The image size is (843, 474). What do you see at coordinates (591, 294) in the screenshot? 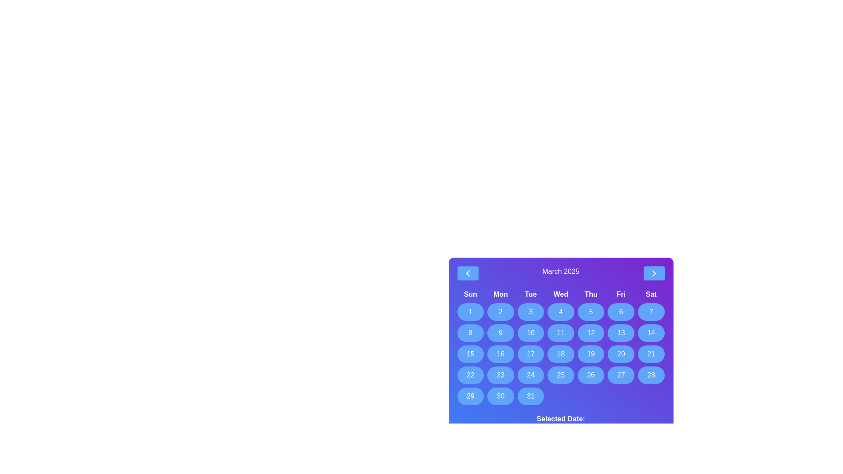
I see `the Static Label displaying 'Thu', which is the fifth item in a row of day labels in the grid calendar` at bounding box center [591, 294].